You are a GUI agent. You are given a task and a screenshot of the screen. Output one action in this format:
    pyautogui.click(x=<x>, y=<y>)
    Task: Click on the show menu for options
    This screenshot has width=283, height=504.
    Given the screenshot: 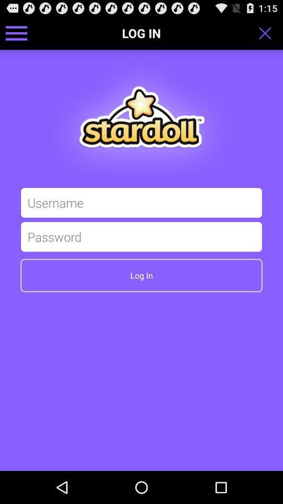 What is the action you would take?
    pyautogui.click(x=16, y=33)
    